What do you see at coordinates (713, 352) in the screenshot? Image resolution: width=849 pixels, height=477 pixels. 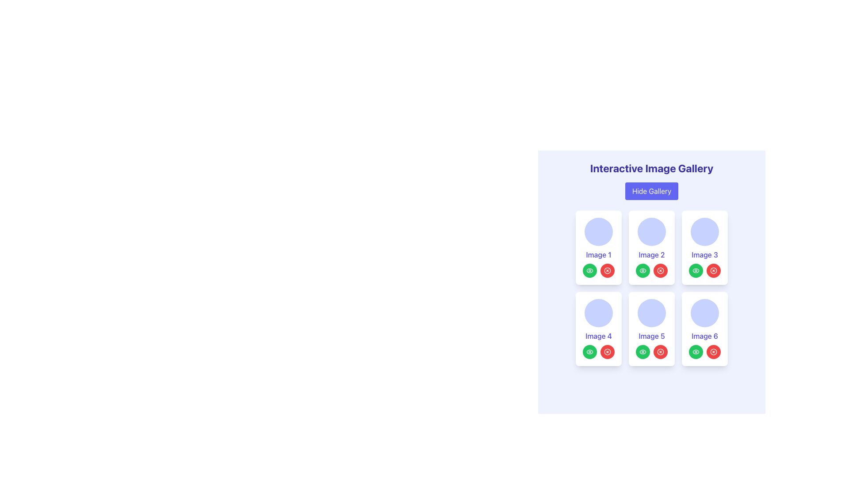 I see `the red circular icon with an 'X' symbol, which is the third button in the bottom-right corner of the feature panel associated with 'Image 6'` at bounding box center [713, 352].